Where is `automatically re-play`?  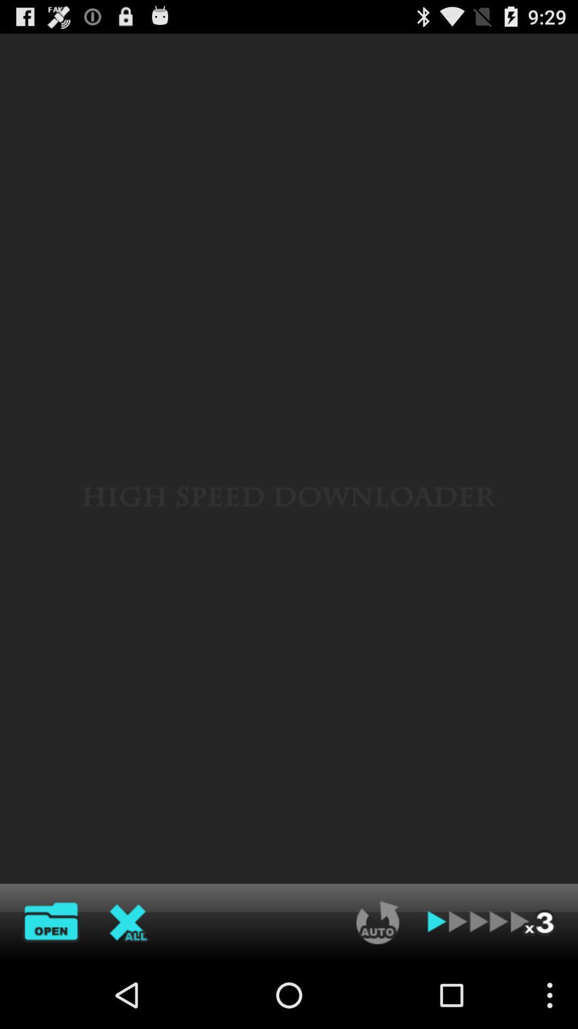 automatically re-play is located at coordinates (377, 922).